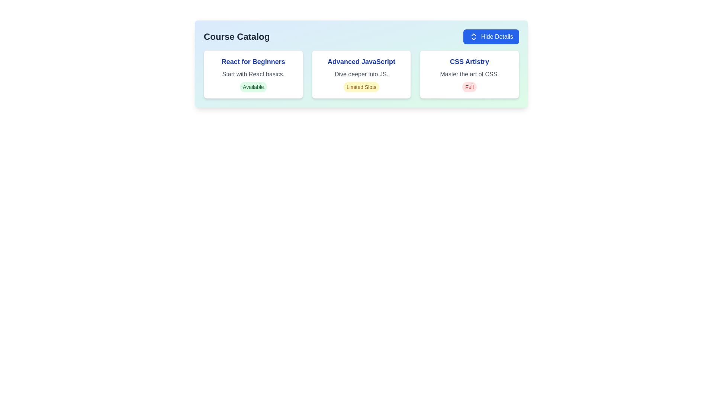 The image size is (714, 402). What do you see at coordinates (253, 74) in the screenshot?
I see `the Interactive information panel titled 'React for Beginners' to navigate` at bounding box center [253, 74].